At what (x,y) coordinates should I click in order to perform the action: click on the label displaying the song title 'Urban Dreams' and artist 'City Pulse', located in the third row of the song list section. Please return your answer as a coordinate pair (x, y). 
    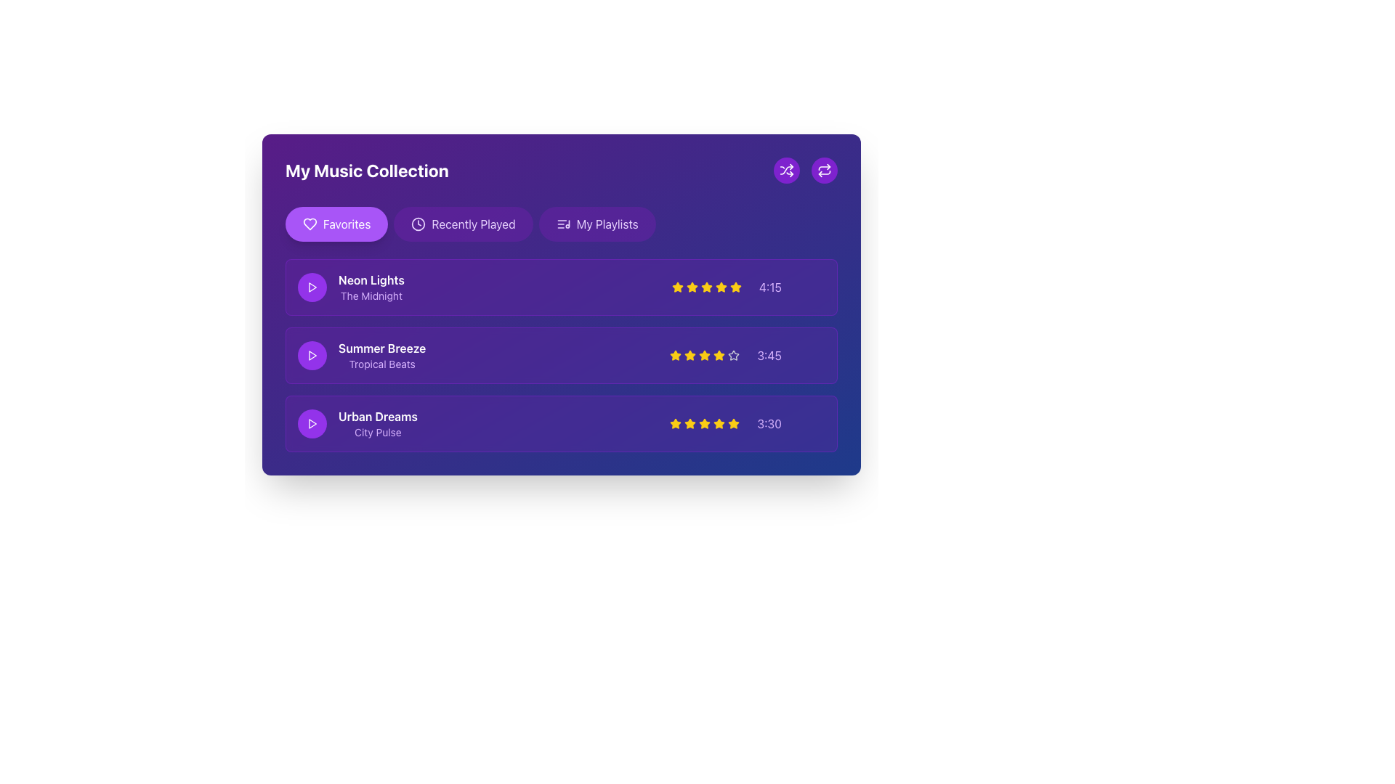
    Looking at the image, I should click on (357, 423).